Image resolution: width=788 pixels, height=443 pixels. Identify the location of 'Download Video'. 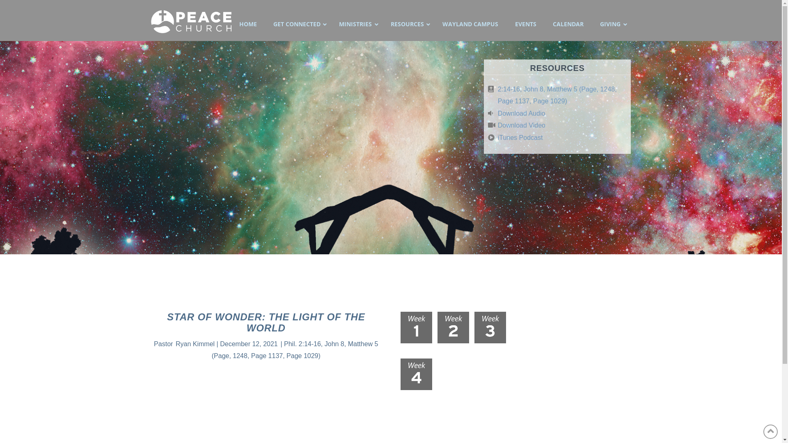
(521, 125).